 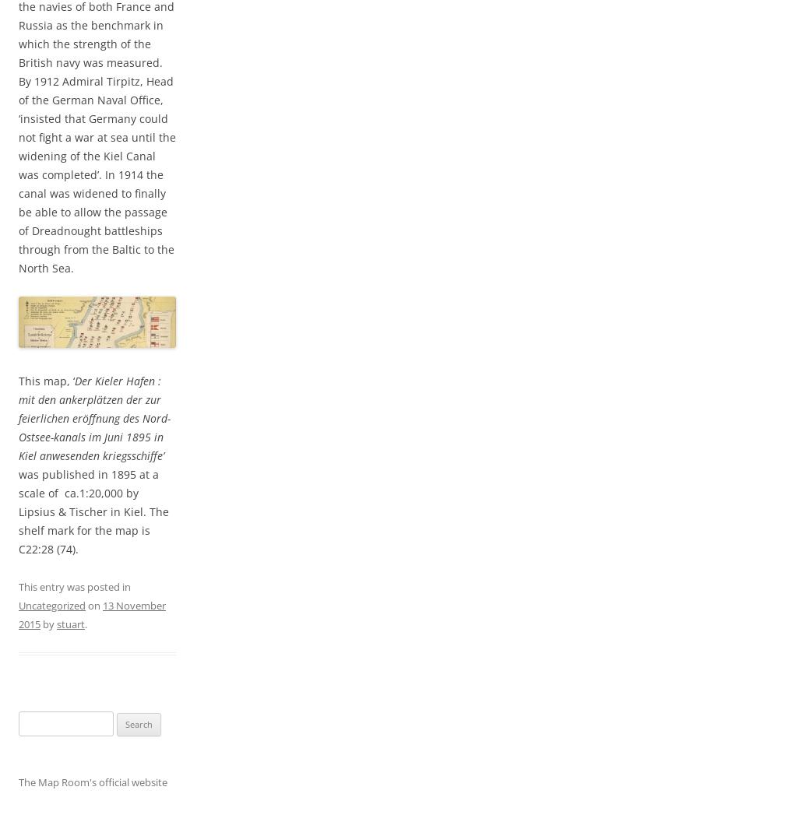 I want to click on '13 November 2015', so click(x=92, y=615).